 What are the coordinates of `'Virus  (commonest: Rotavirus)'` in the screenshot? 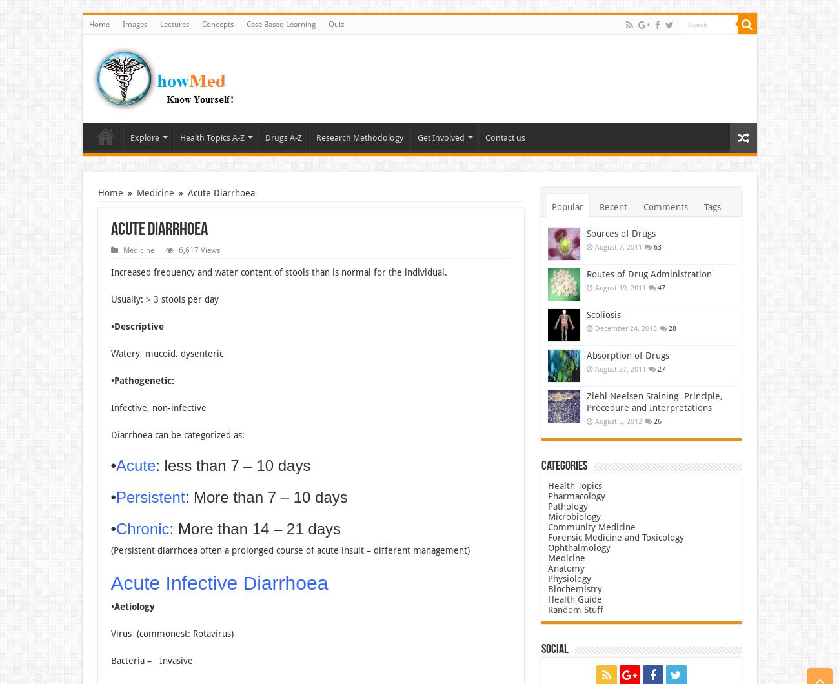 It's located at (170, 632).